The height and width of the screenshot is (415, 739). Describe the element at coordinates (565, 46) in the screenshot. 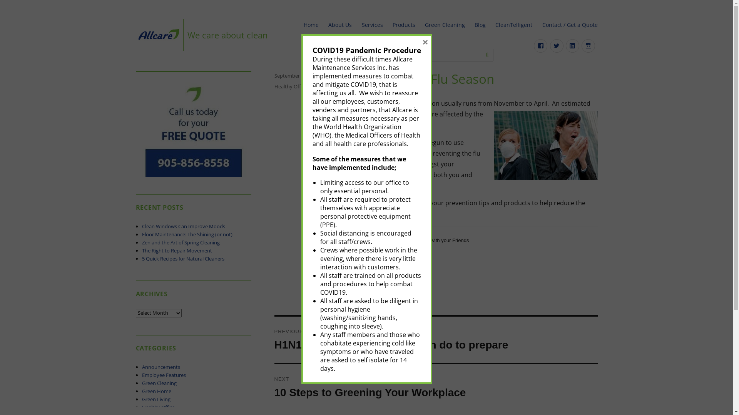

I see `'LinkedIN'` at that location.